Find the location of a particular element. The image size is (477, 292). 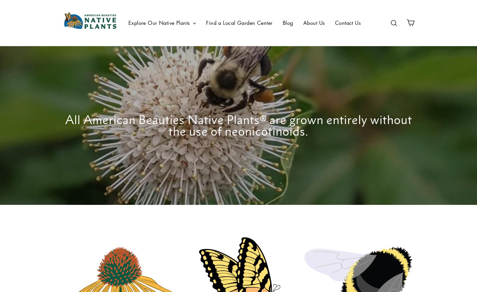

'Collections' is located at coordinates (141, 113).